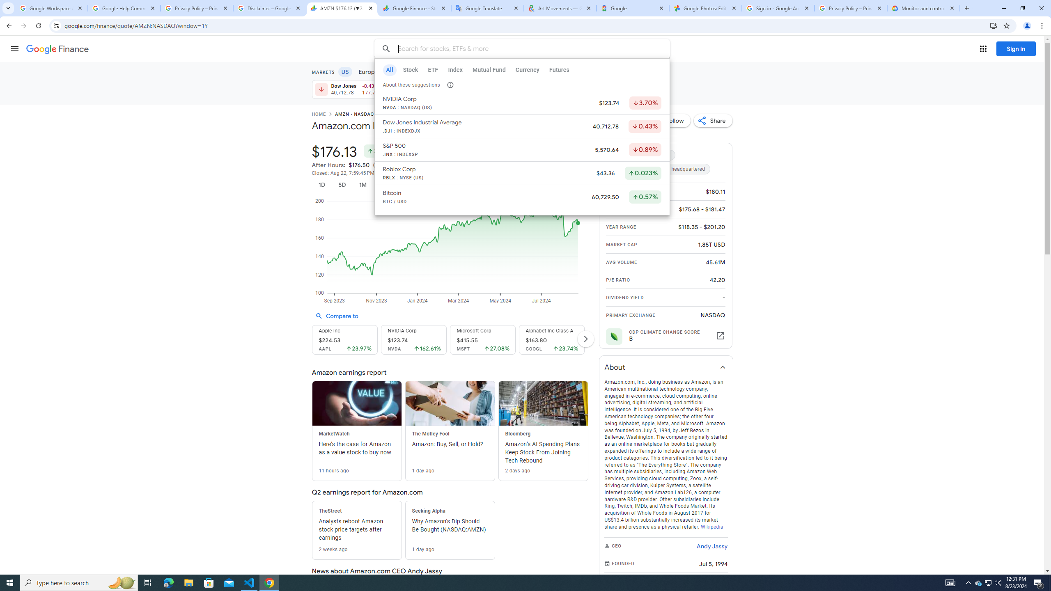 The width and height of the screenshot is (1051, 591). Describe the element at coordinates (321, 184) in the screenshot. I see `'1D'` at that location.